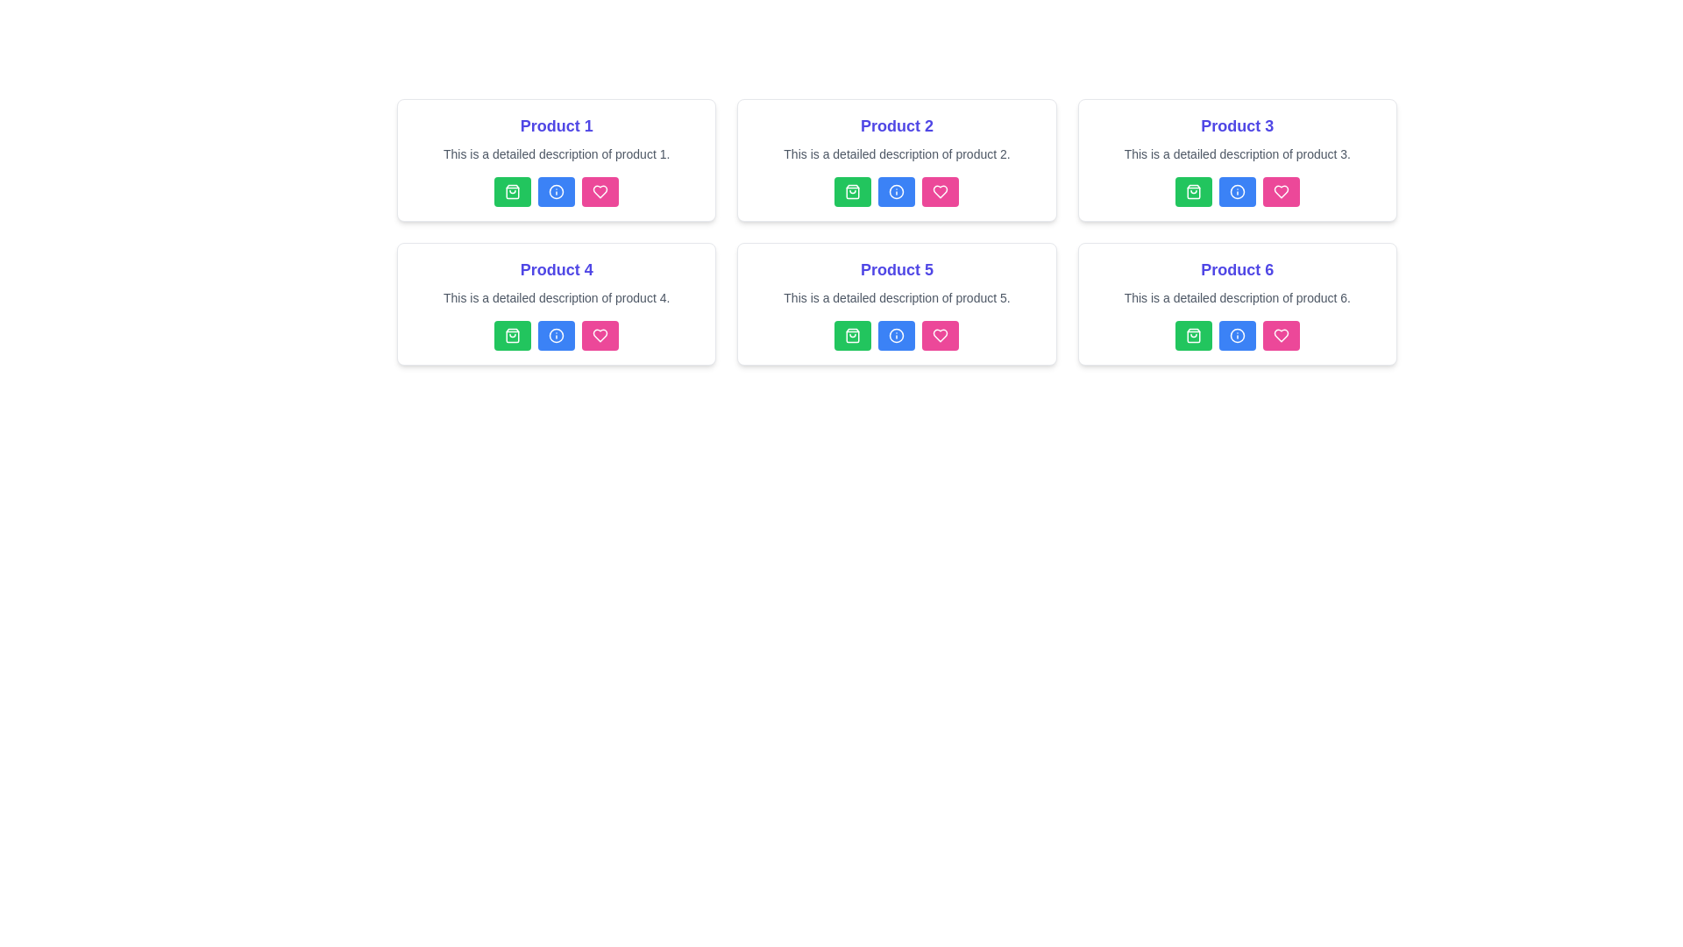  Describe the element at coordinates (1192, 335) in the screenshot. I see `the green shopping bag icon located on the far left in the button row of the 'Product 6' card` at that location.